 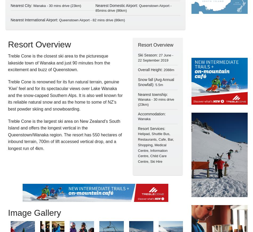 What do you see at coordinates (64, 135) in the screenshot?
I see `'Treble Cone is the largest ski area on New Zealand’s South Island and offers the longest vertical in the Queenstown/Wanaka region. The resort has 550 hectares of inbound terrain, 700m of lift accessed vertical drop, and a longest run of 4km.'` at bounding box center [64, 135].